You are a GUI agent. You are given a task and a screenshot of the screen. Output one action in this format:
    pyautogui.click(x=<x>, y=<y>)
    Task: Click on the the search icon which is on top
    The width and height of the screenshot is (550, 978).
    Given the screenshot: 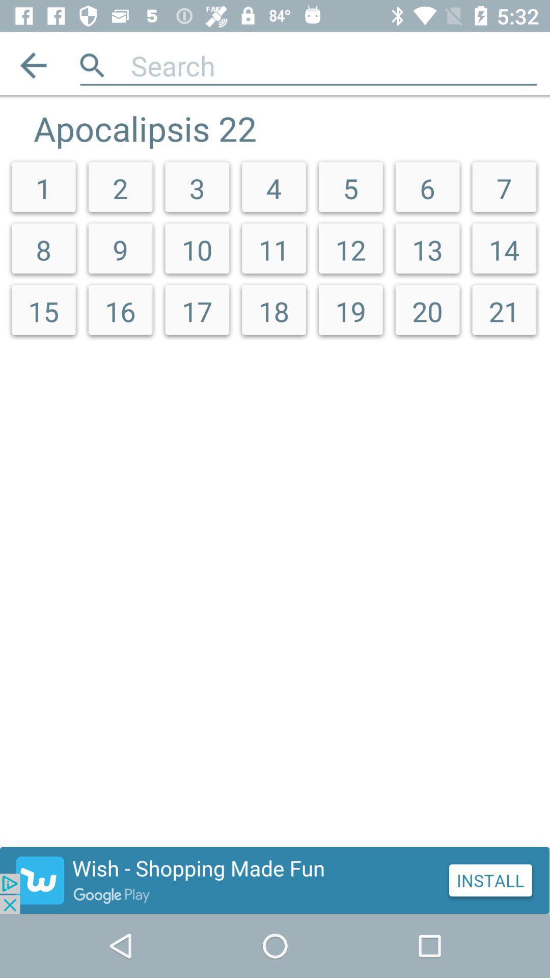 What is the action you would take?
    pyautogui.click(x=92, y=65)
    